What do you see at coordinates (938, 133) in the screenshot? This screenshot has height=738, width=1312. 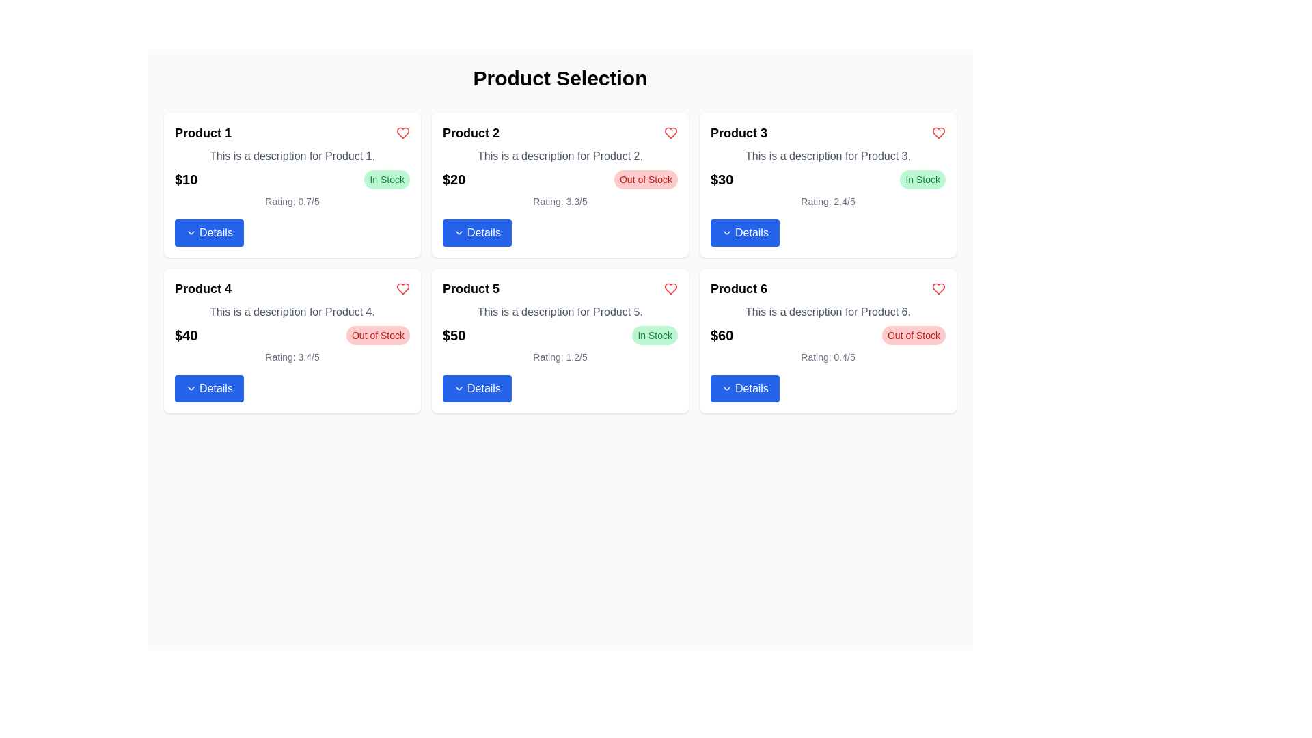 I see `the red heart icon in the top-right corner of the Product 3 card` at bounding box center [938, 133].